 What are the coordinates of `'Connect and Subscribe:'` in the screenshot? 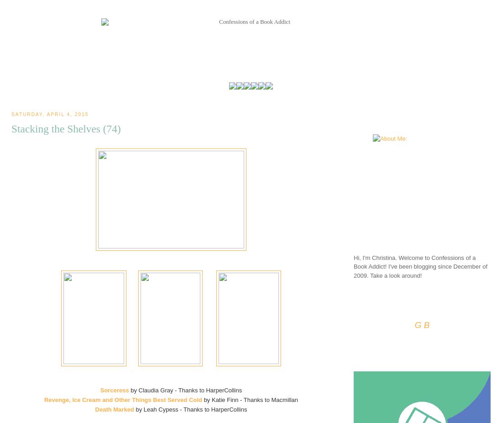 It's located at (382, 305).